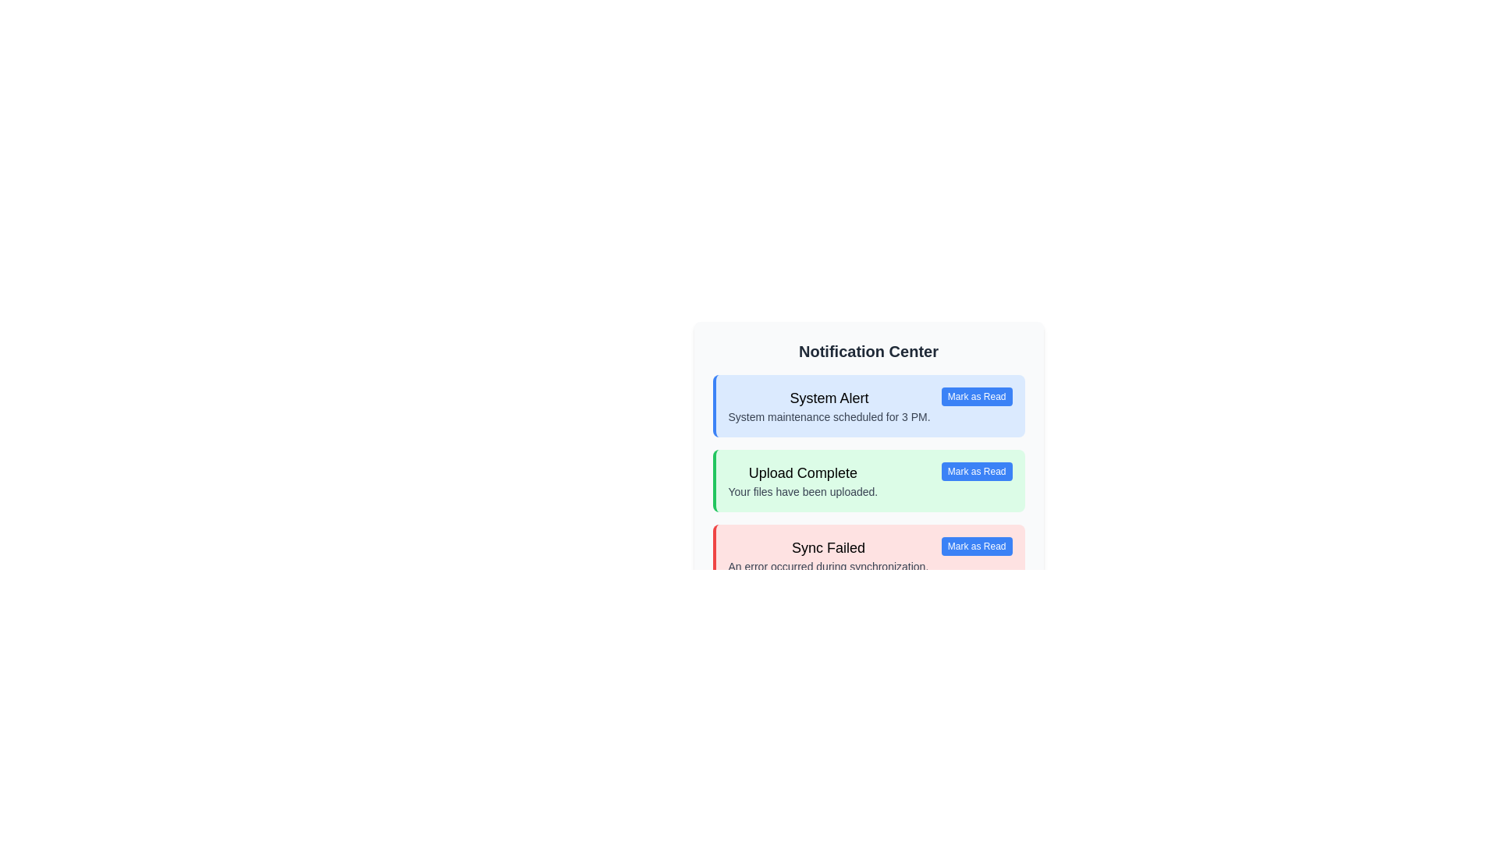 The width and height of the screenshot is (1498, 842). What do you see at coordinates (829, 397) in the screenshot?
I see `the title of the first notification in the 'Notification Center' to read its content` at bounding box center [829, 397].